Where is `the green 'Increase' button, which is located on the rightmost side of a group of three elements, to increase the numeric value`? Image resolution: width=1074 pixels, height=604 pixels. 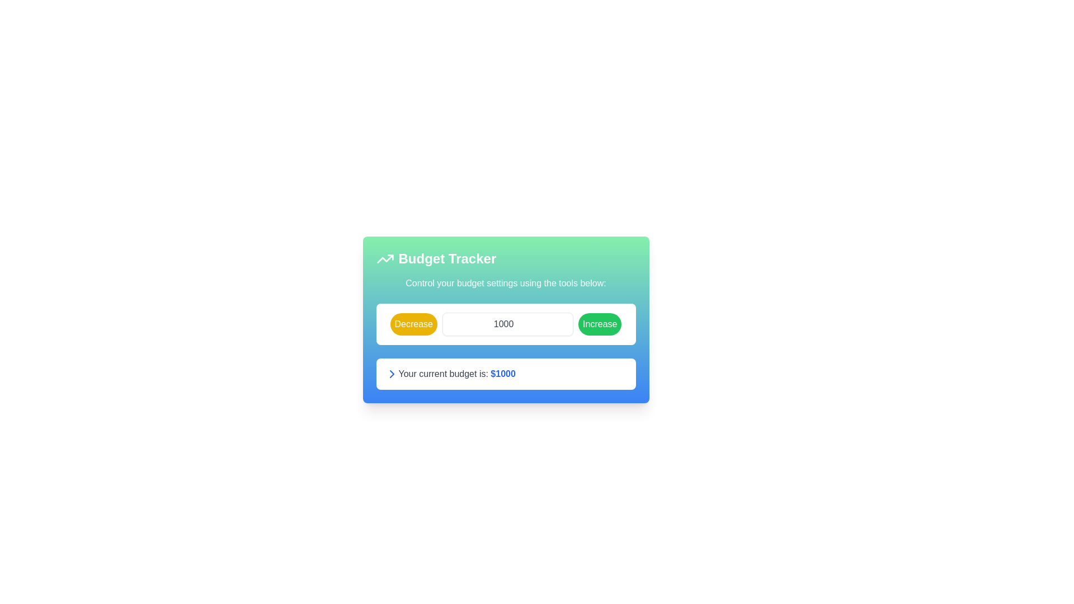
the green 'Increase' button, which is located on the rightmost side of a group of three elements, to increase the numeric value is located at coordinates (599, 324).